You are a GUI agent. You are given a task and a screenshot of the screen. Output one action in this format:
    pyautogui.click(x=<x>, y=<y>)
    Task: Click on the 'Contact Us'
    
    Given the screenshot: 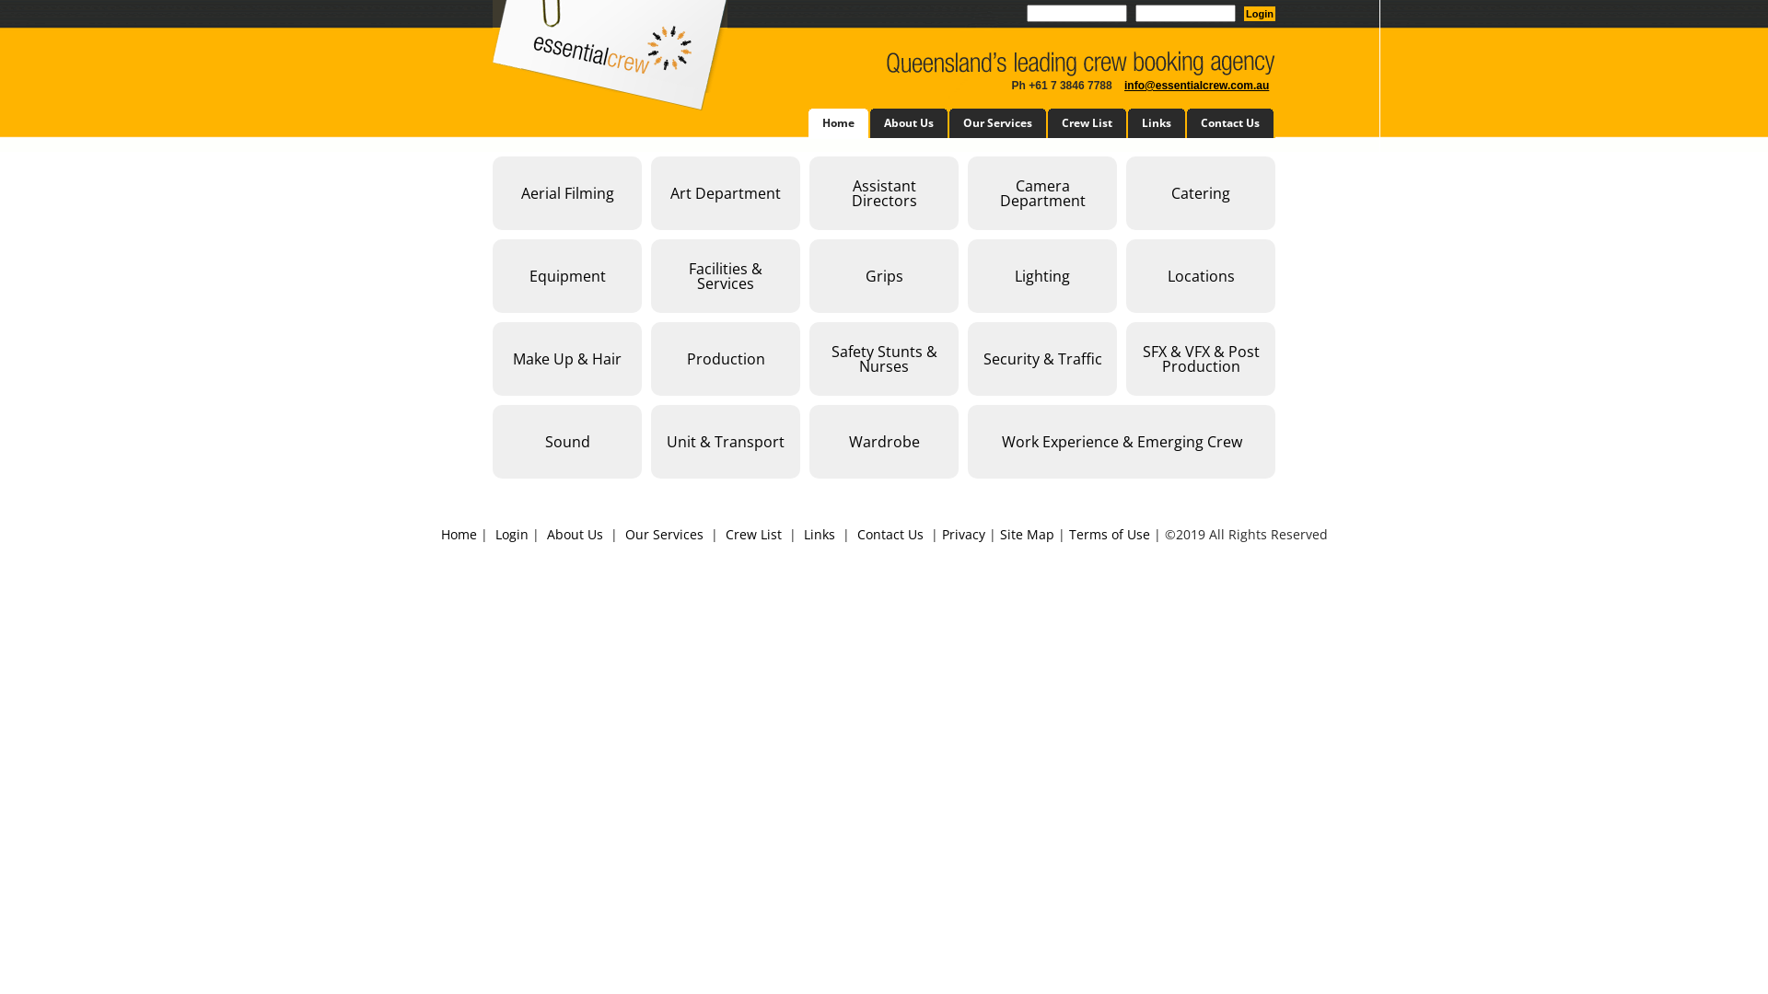 What is the action you would take?
    pyautogui.click(x=889, y=534)
    